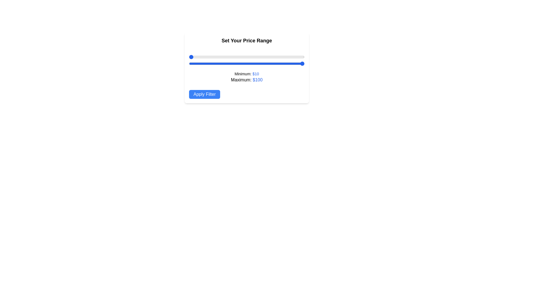 Image resolution: width=533 pixels, height=299 pixels. Describe the element at coordinates (295, 63) in the screenshot. I see `the slider` at that location.